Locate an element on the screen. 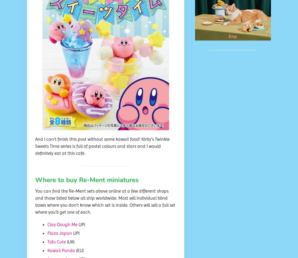 This screenshot has height=258, width=298. '(EU)' is located at coordinates (79, 250).